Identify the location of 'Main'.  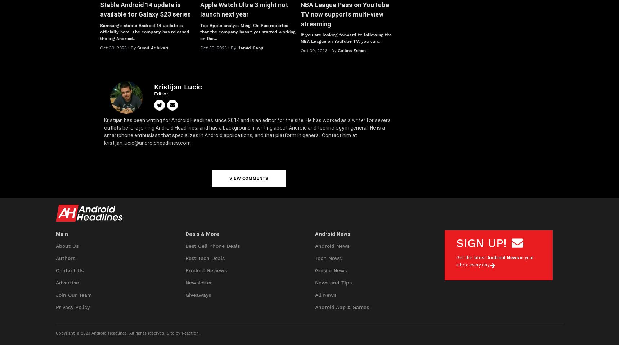
(61, 234).